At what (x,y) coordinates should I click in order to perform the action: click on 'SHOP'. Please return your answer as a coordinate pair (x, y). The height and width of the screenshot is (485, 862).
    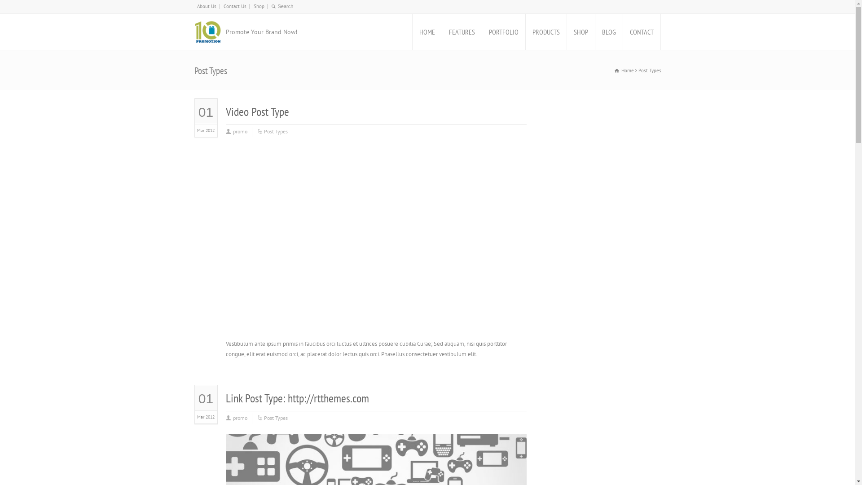
    Looking at the image, I should click on (580, 31).